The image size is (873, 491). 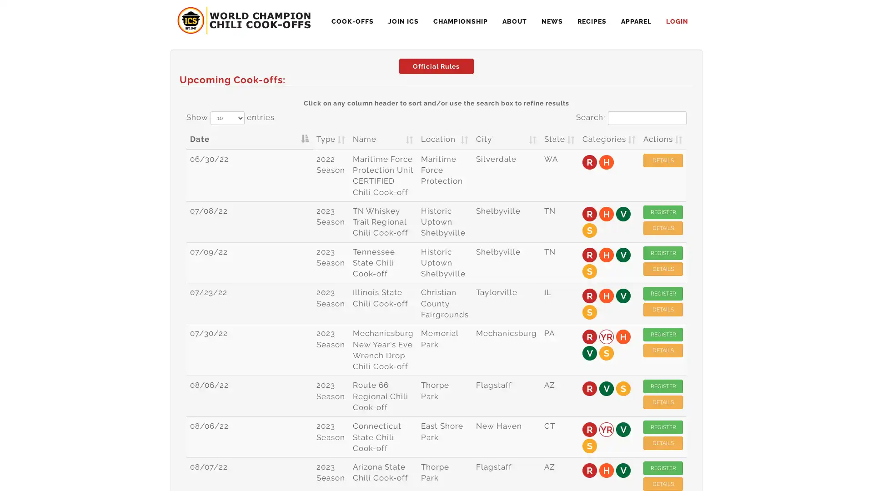 What do you see at coordinates (663, 443) in the screenshot?
I see `DETAILS` at bounding box center [663, 443].